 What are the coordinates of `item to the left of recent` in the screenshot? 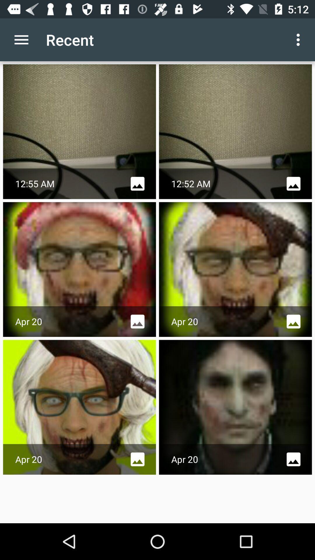 It's located at (21, 39).